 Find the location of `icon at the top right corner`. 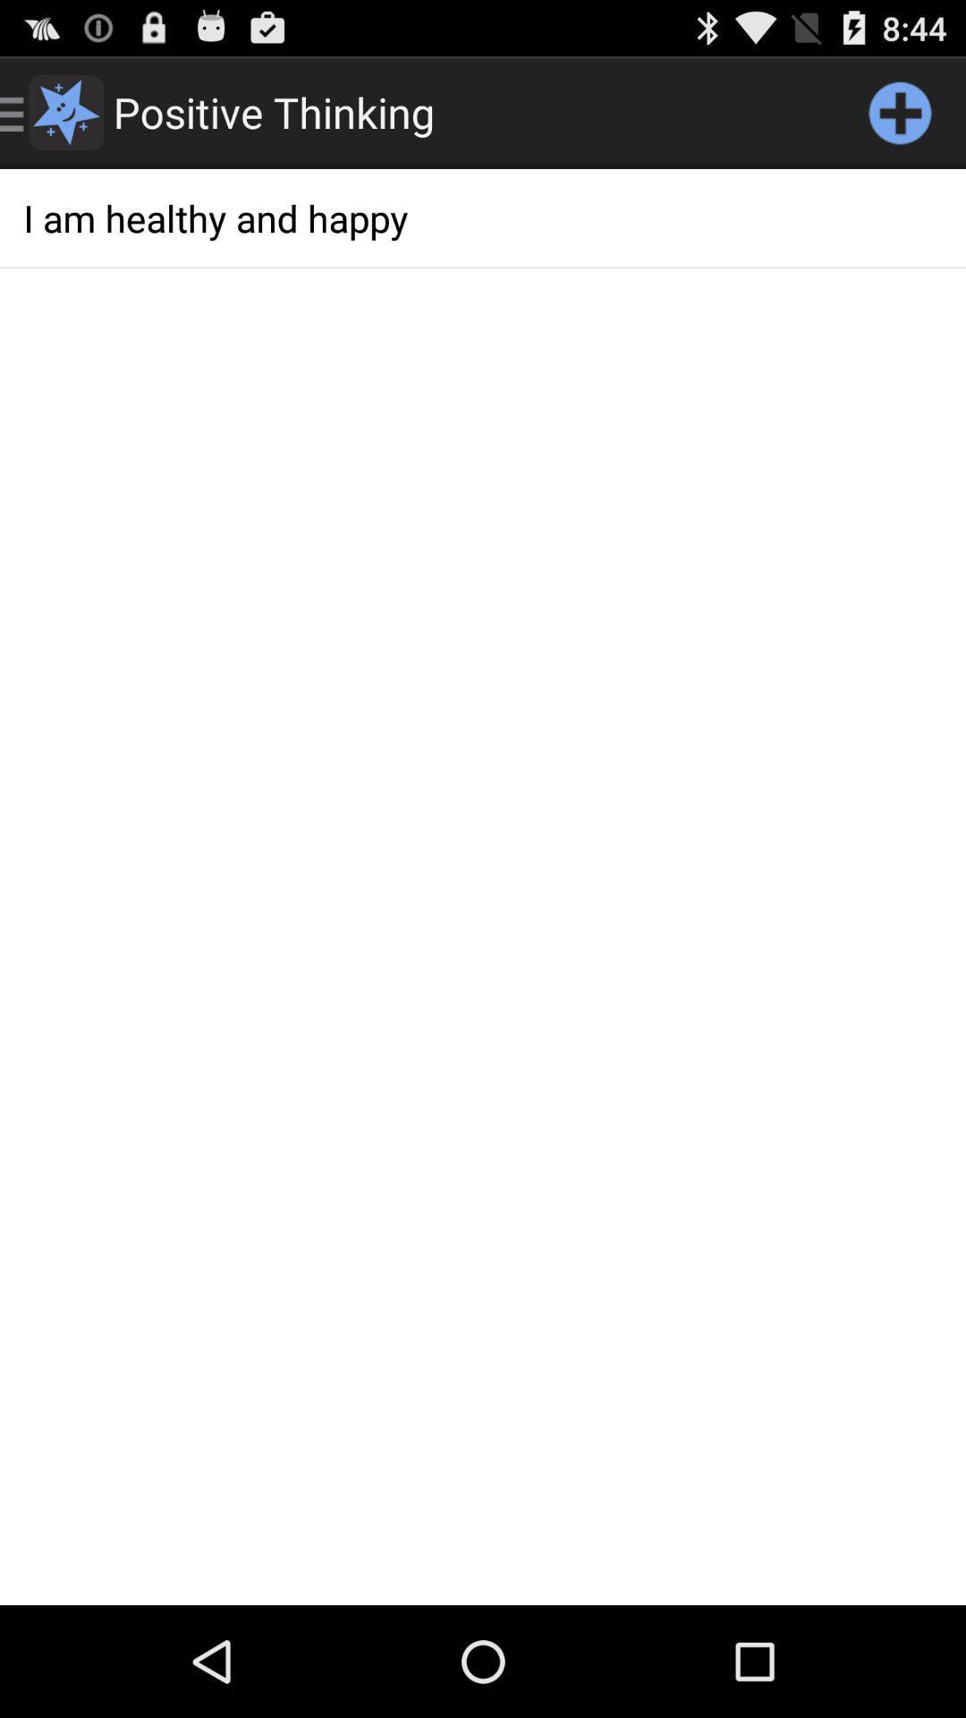

icon at the top right corner is located at coordinates (900, 111).